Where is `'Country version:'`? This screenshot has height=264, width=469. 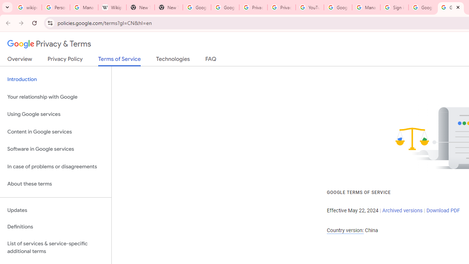 'Country version:' is located at coordinates (345, 230).